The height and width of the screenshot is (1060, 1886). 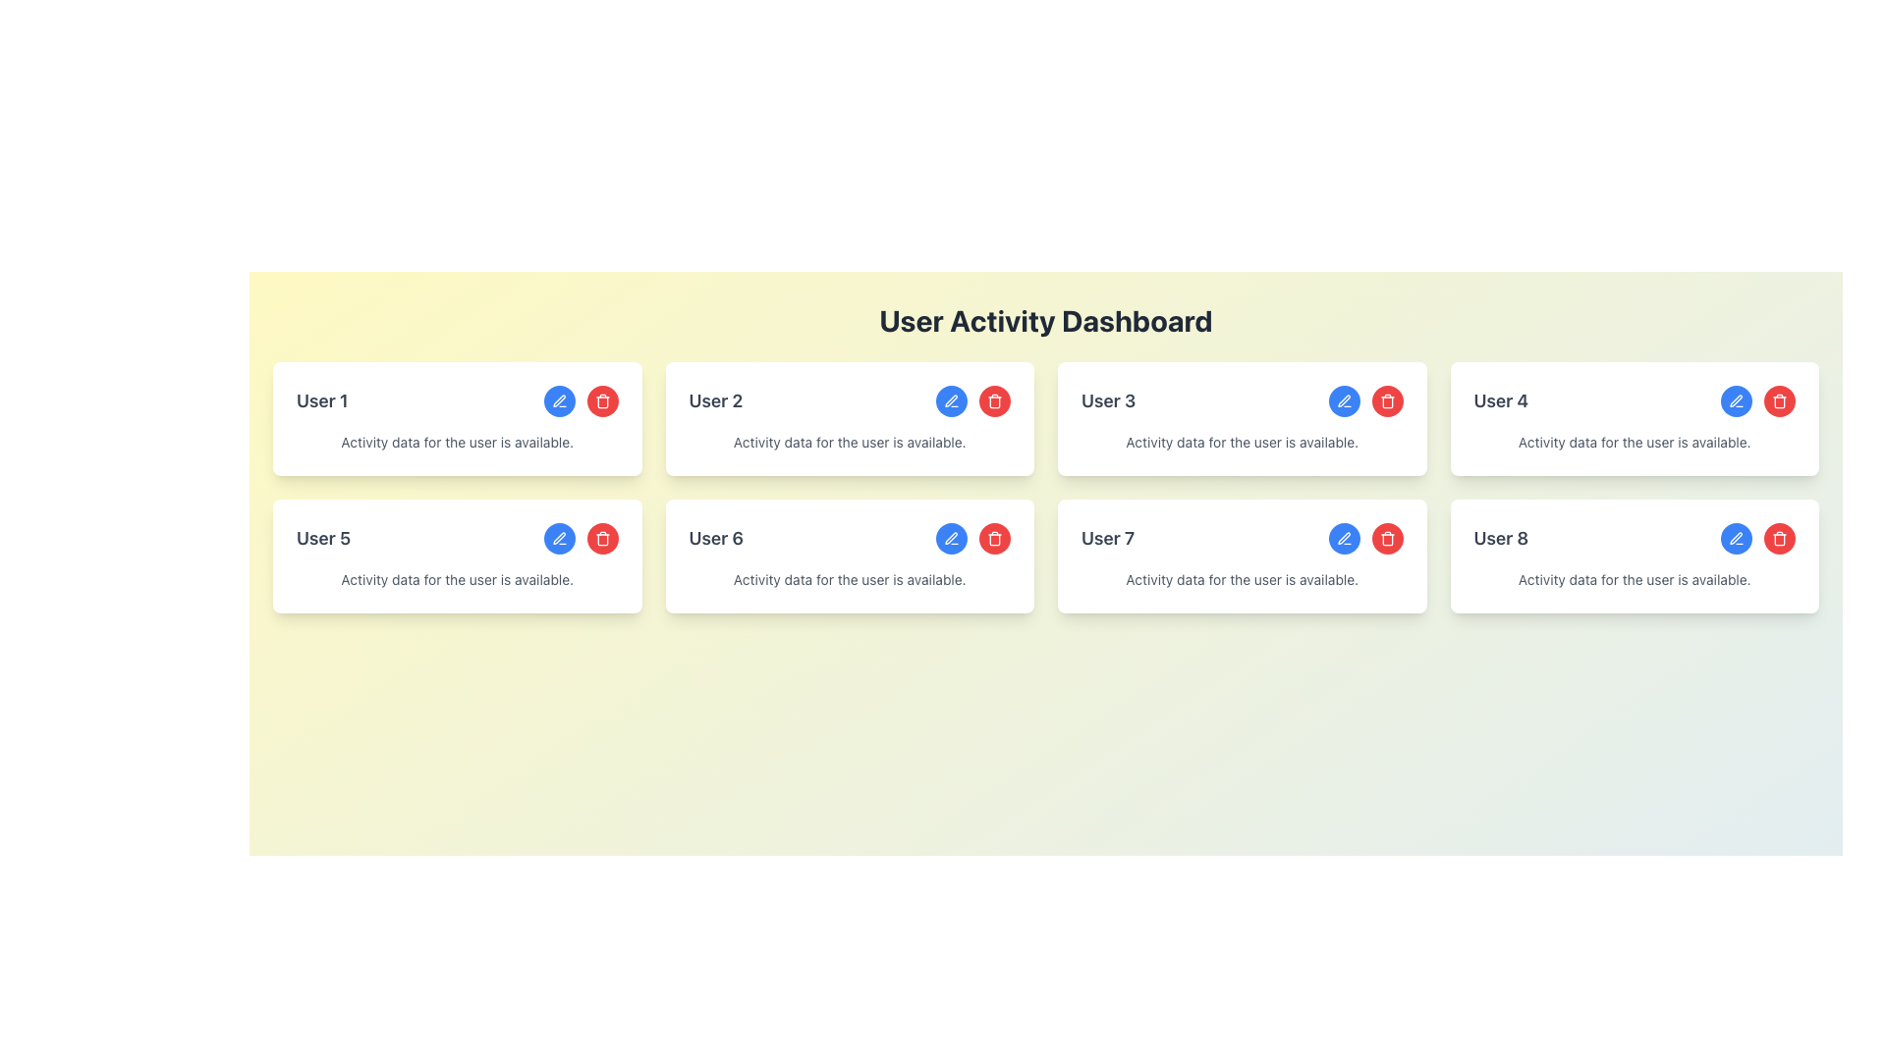 I want to click on the static text element that reads 'Activity data for the user is available.' which is centrally positioned below the username 'User 1' in the first card of the user activity dashboard, so click(x=456, y=443).